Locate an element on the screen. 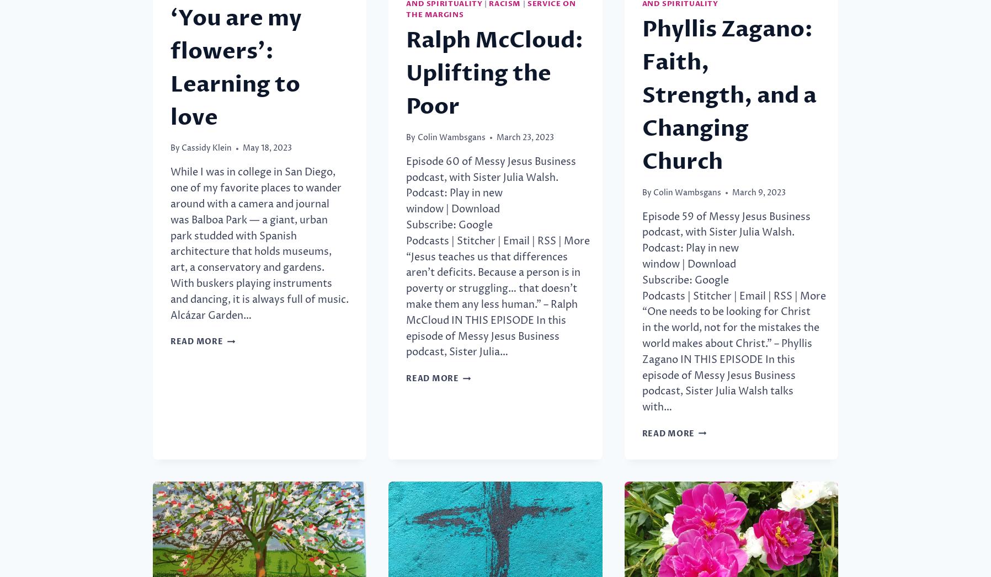 Image resolution: width=991 pixels, height=577 pixels. 'Episode 59 of Messy Jesus Business podcast, with Sister Julia Walsh. Podcast: Play in new window | Download Subscribe: Google Podcasts | Stitcher | Email | RSS | More “One needs to be looking for Christ in the world, not for the mistakes the world makes about Christ.” – Phyllis Zagano IN THIS EPISODE In this episode of Messy Jesus Business podcast, Sister Julia Walsh talks with…' is located at coordinates (642, 311).